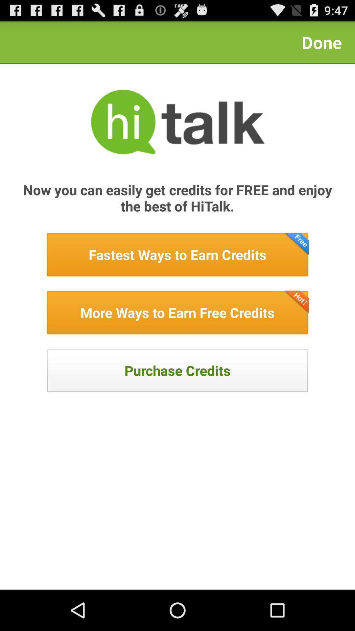 The image size is (355, 631). Describe the element at coordinates (177, 254) in the screenshot. I see `fastest way to earn credits` at that location.